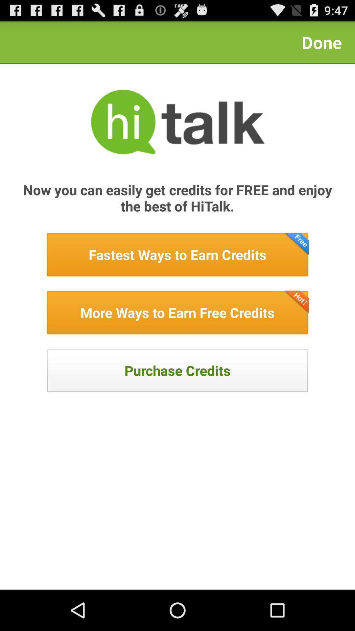 The image size is (355, 631). Describe the element at coordinates (177, 254) in the screenshot. I see `fastest way to earn credits` at that location.